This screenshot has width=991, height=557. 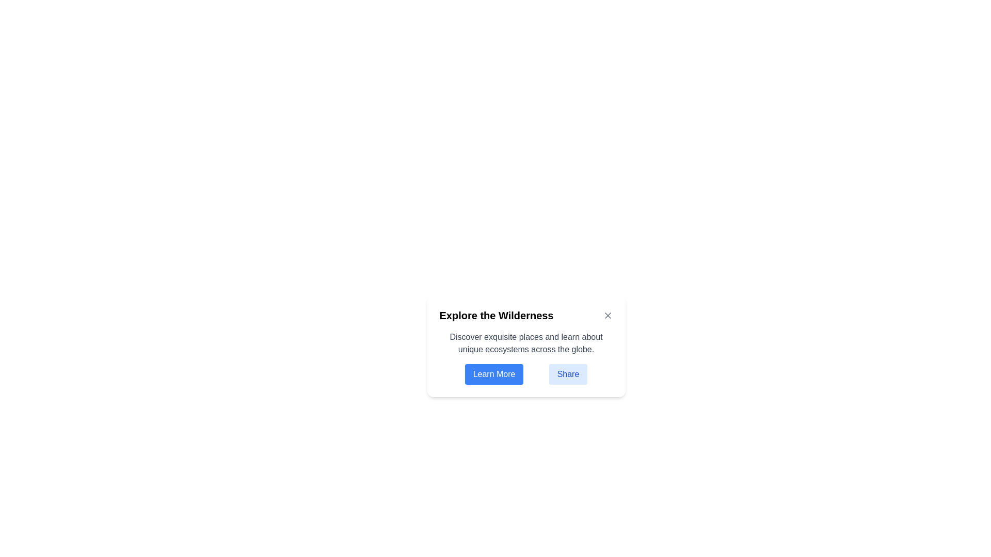 I want to click on the bold heading 'Explore the Wilderness' located at the top-center of the card UI, so click(x=526, y=315).